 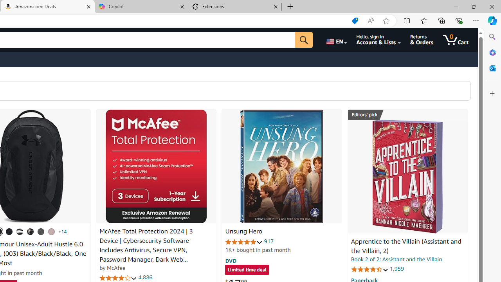 What do you see at coordinates (456, 6) in the screenshot?
I see `'Minimize'` at bounding box center [456, 6].